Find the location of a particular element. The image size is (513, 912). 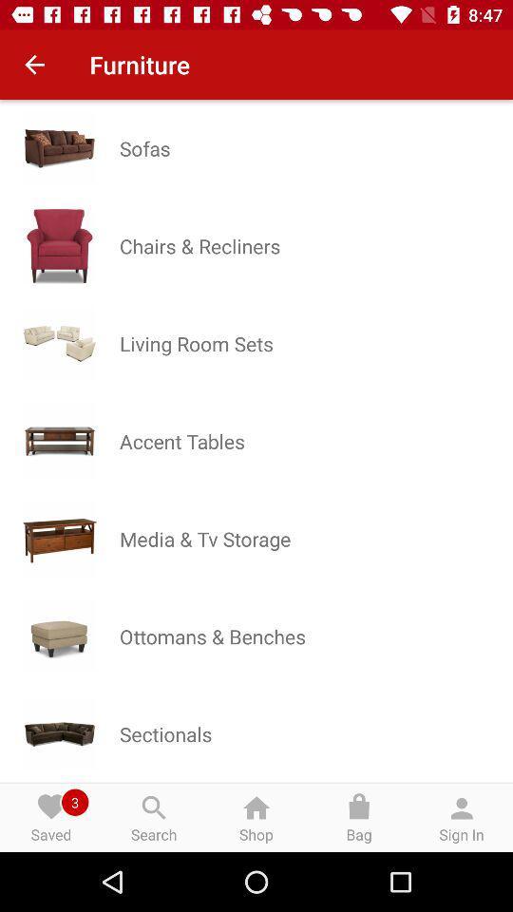

item next to the furniture is located at coordinates (34, 65).